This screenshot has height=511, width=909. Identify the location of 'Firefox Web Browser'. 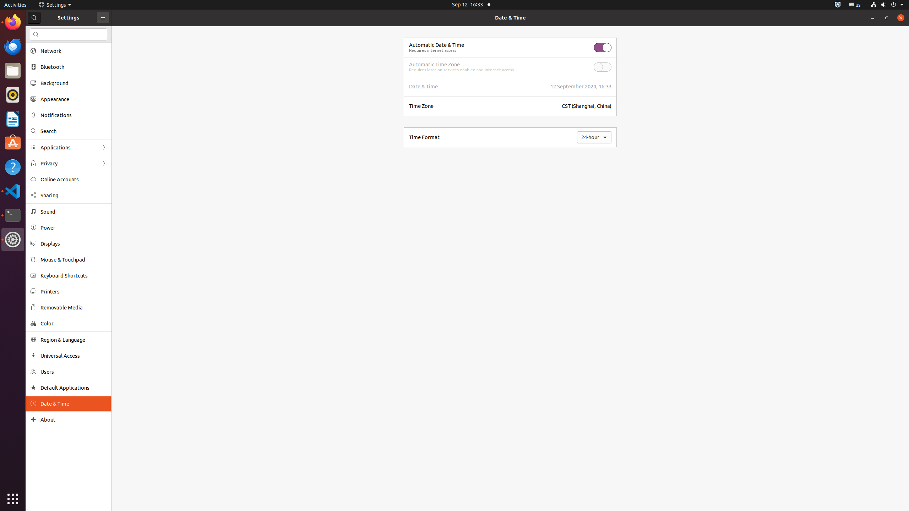
(13, 22).